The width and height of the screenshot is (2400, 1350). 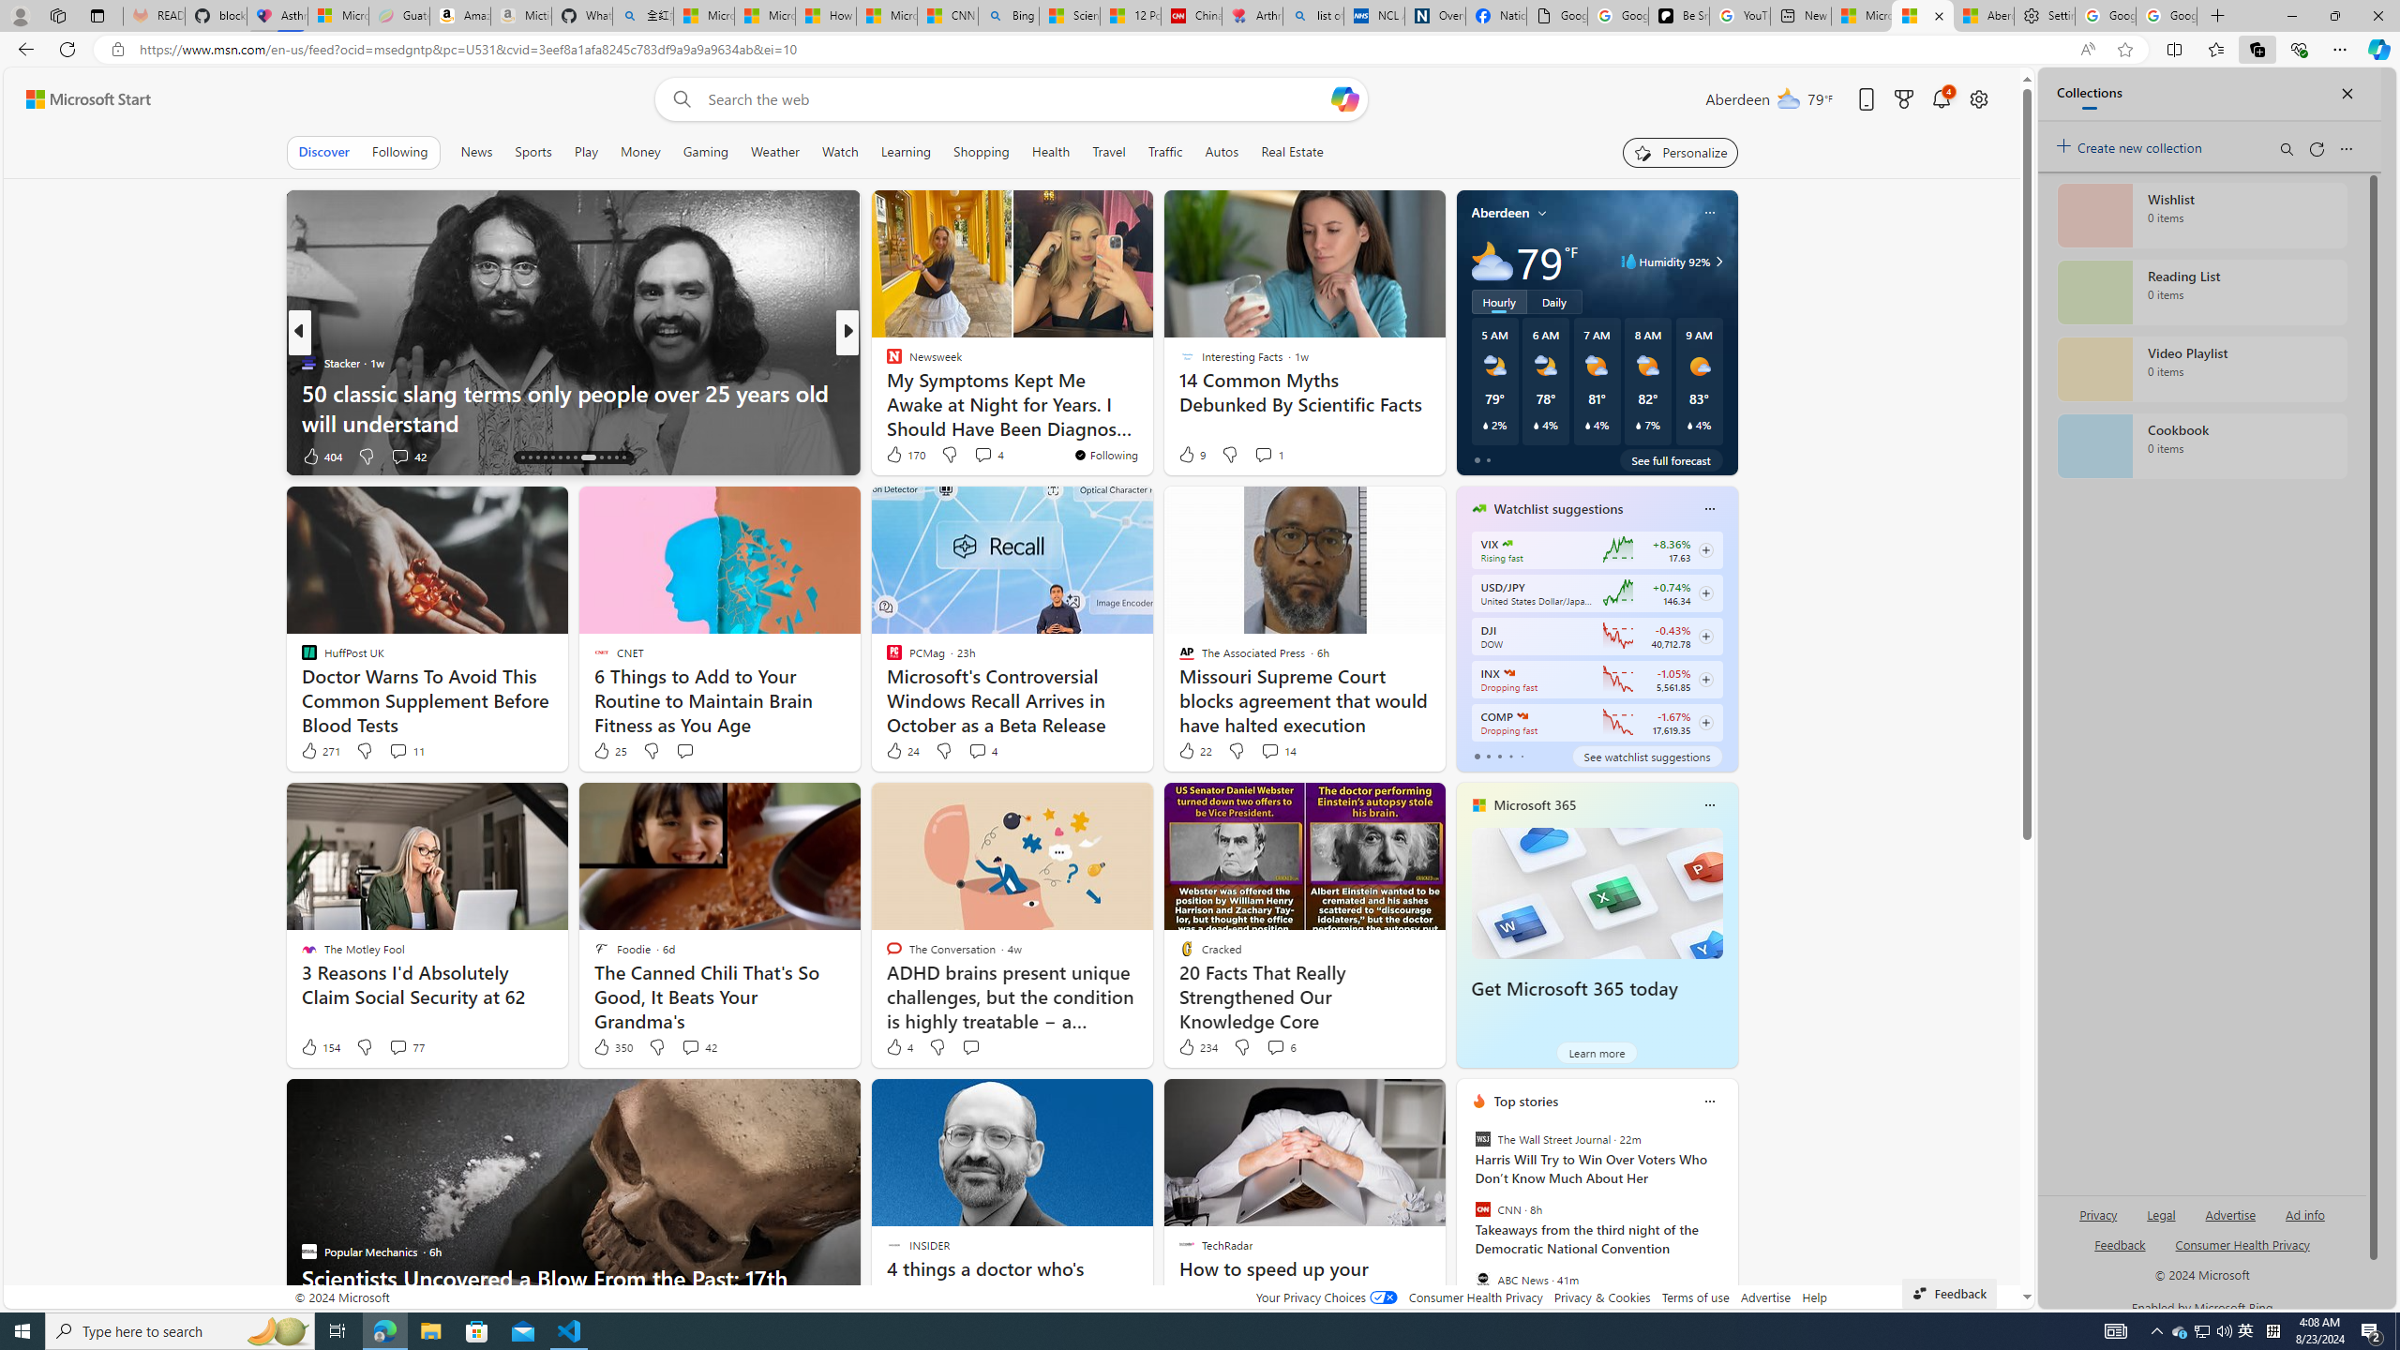 What do you see at coordinates (536, 457) in the screenshot?
I see `'AutomationID: tab-16'` at bounding box center [536, 457].